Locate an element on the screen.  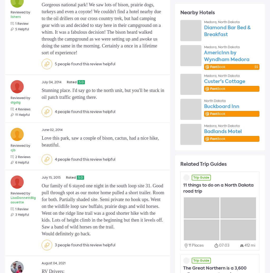
'11 Helpful' is located at coordinates (22, 115).